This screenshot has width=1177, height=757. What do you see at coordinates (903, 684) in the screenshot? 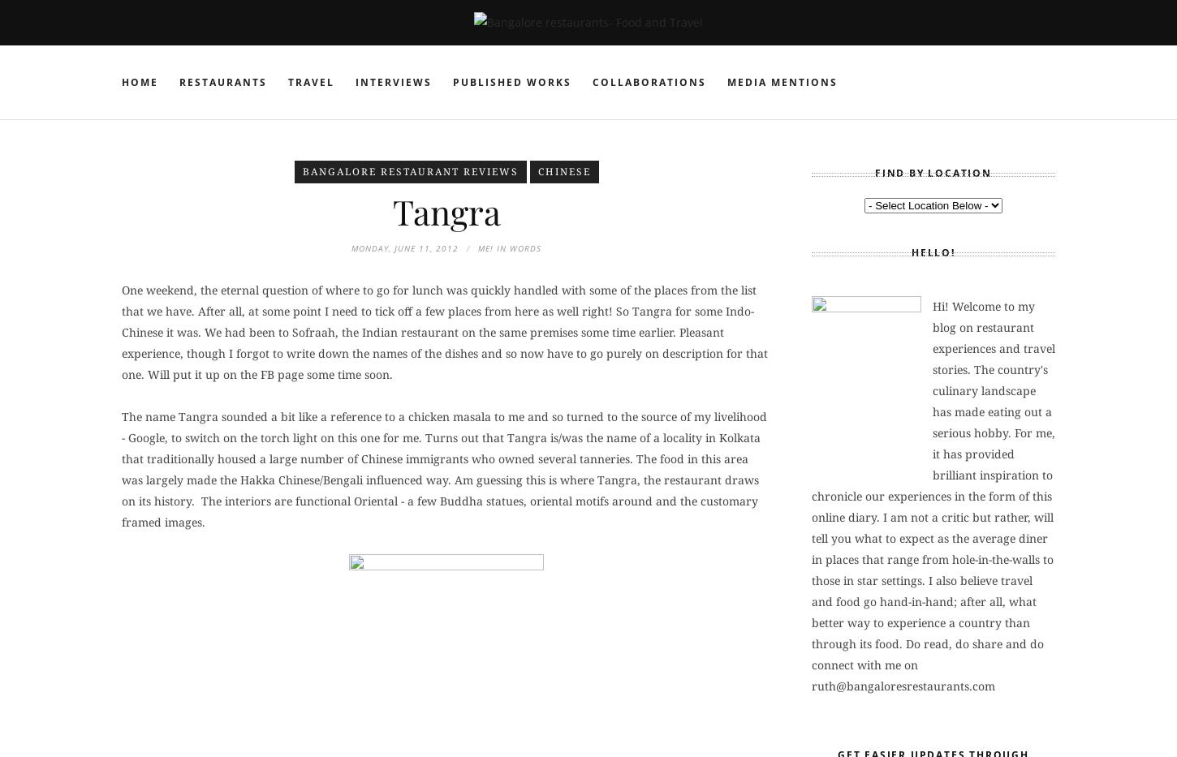
I see `'ruth@bangaloresrestaurants.com'` at bounding box center [903, 684].